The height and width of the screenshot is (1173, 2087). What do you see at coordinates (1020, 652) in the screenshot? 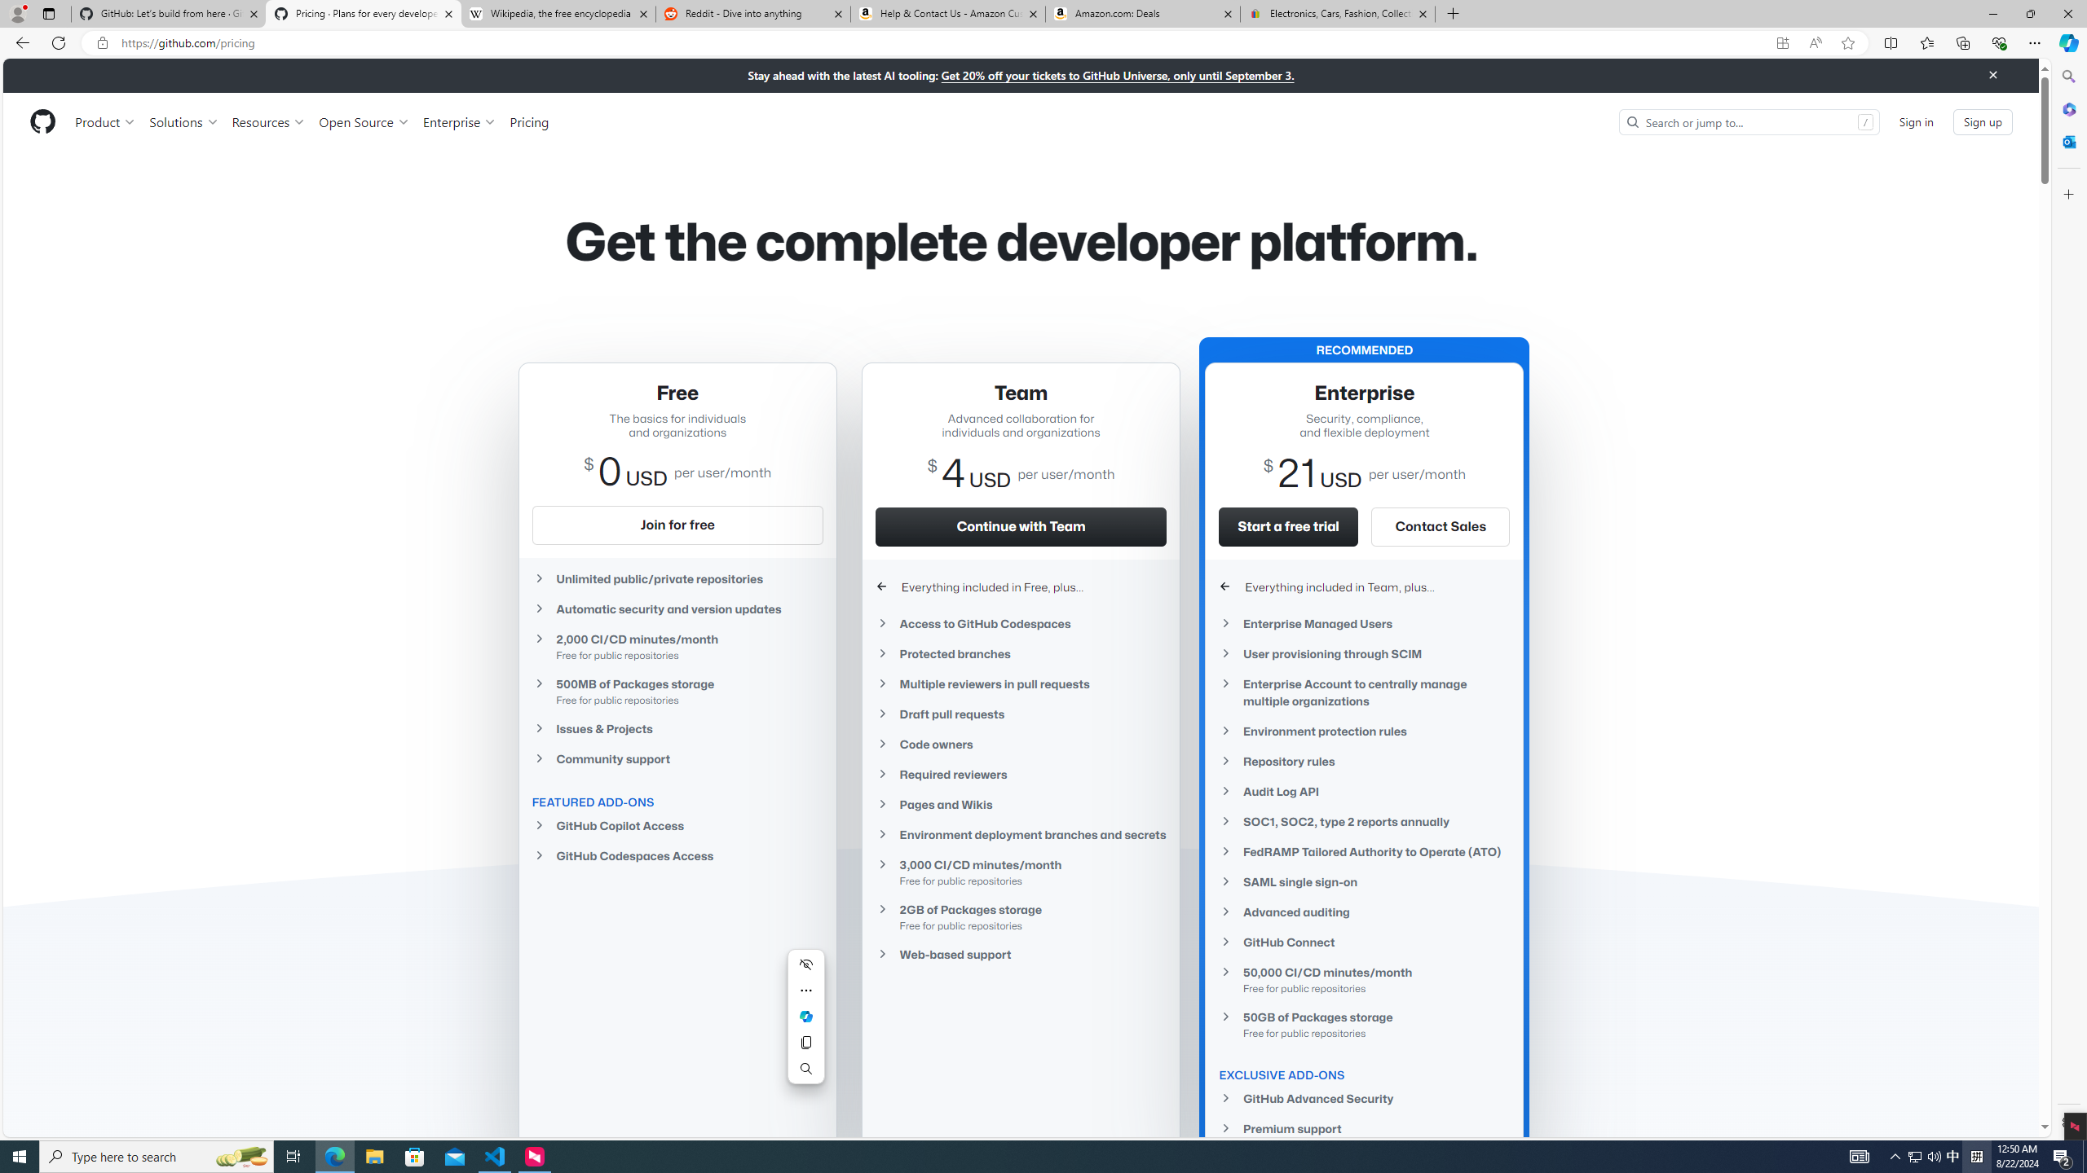
I see `'Protected branches'` at bounding box center [1020, 652].